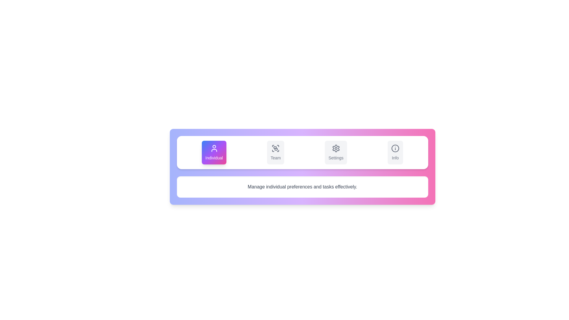 The height and width of the screenshot is (320, 569). Describe the element at coordinates (275, 152) in the screenshot. I see `the 'Team' button` at that location.